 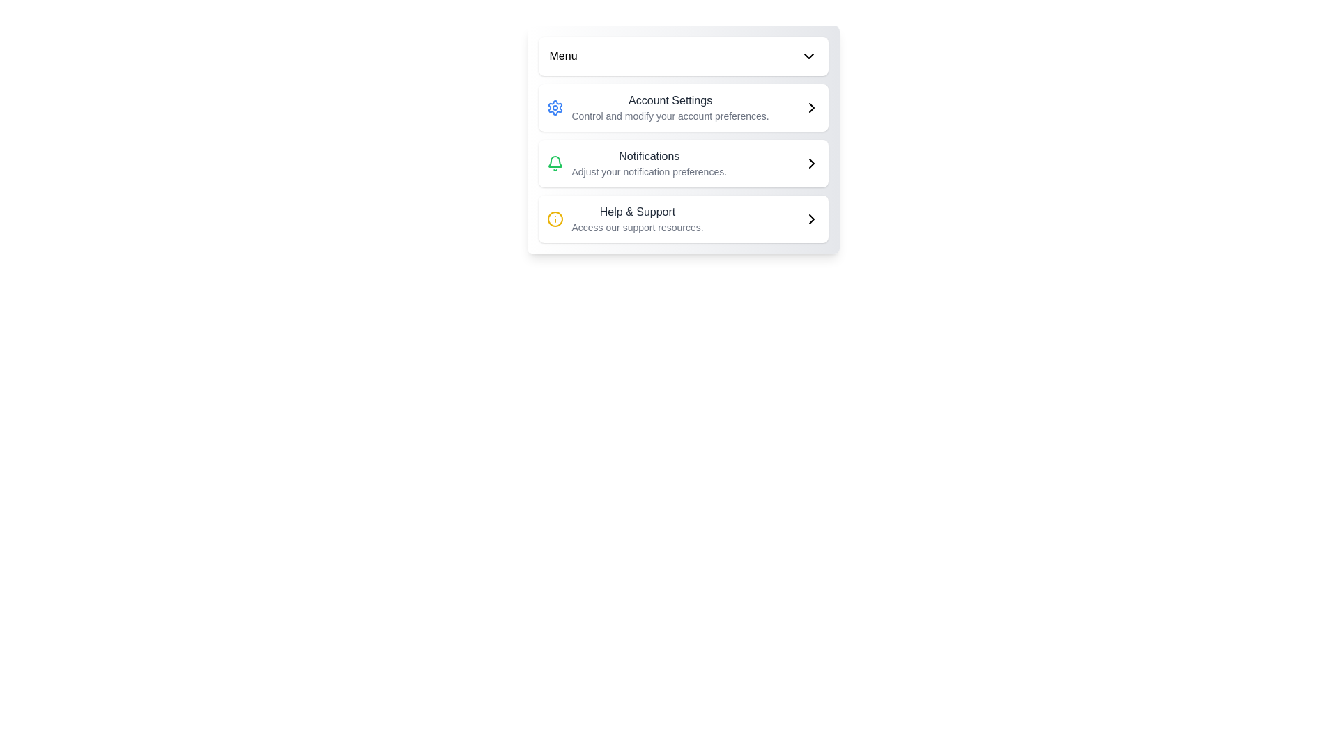 What do you see at coordinates (670, 107) in the screenshot?
I see `the 'Account Settings' list item in the vertical menu` at bounding box center [670, 107].